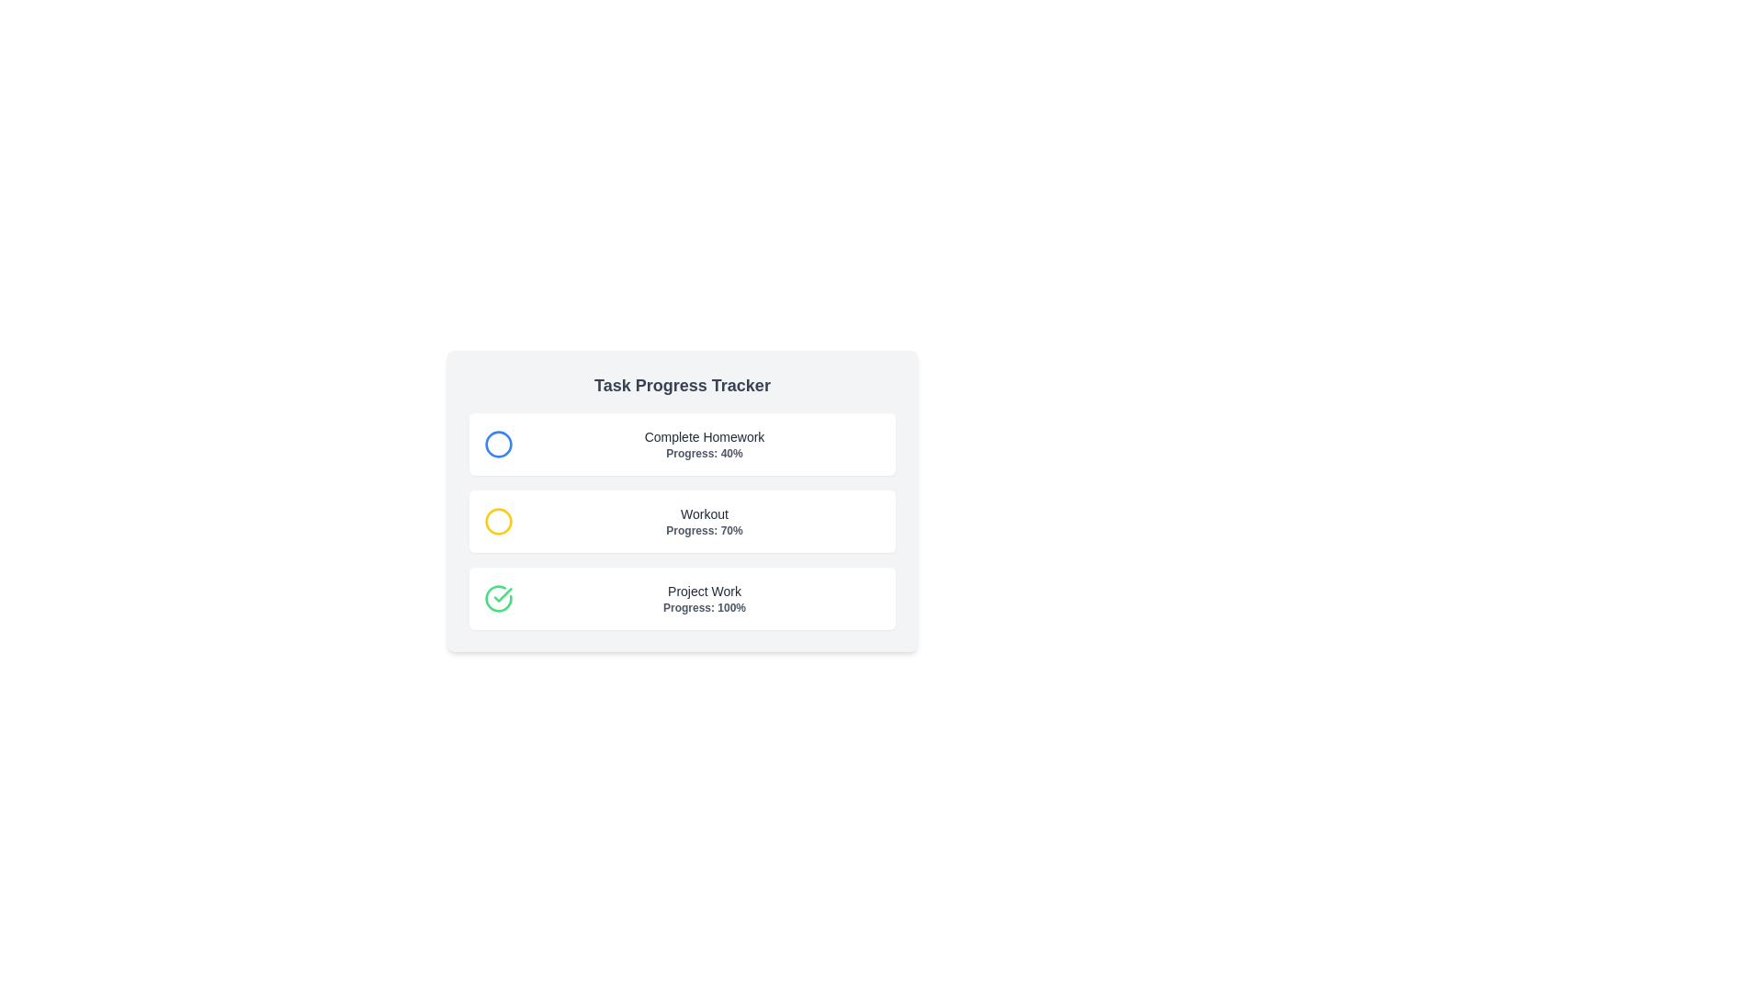 Image resolution: width=1764 pixels, height=992 pixels. What do you see at coordinates (704, 453) in the screenshot?
I see `the text label displaying 'Progress: 40%' located at the bottom of the 'Complete Homework' task box in the task progress tracker interface` at bounding box center [704, 453].